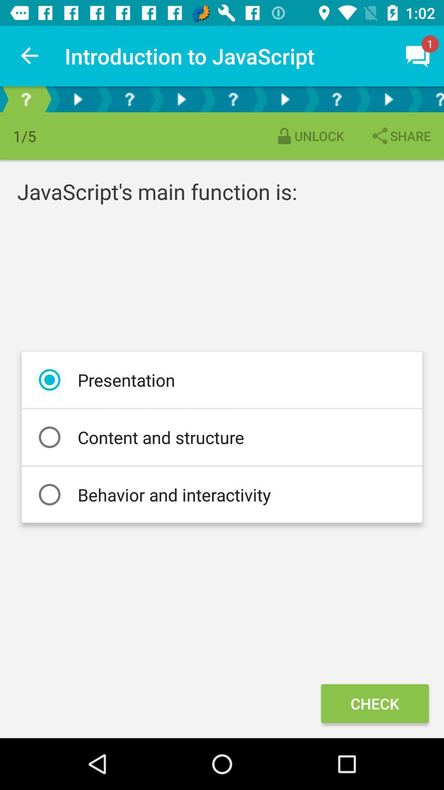 The height and width of the screenshot is (790, 444). What do you see at coordinates (25, 99) in the screenshot?
I see `question` at bounding box center [25, 99].